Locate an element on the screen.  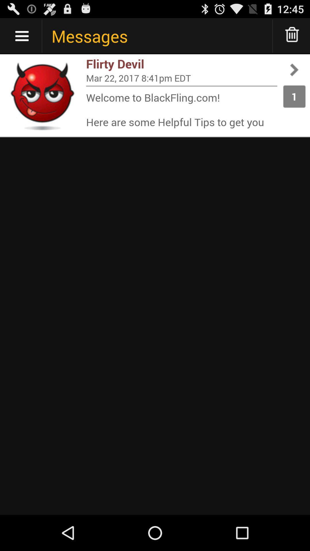
flirty devil app is located at coordinates (181, 64).